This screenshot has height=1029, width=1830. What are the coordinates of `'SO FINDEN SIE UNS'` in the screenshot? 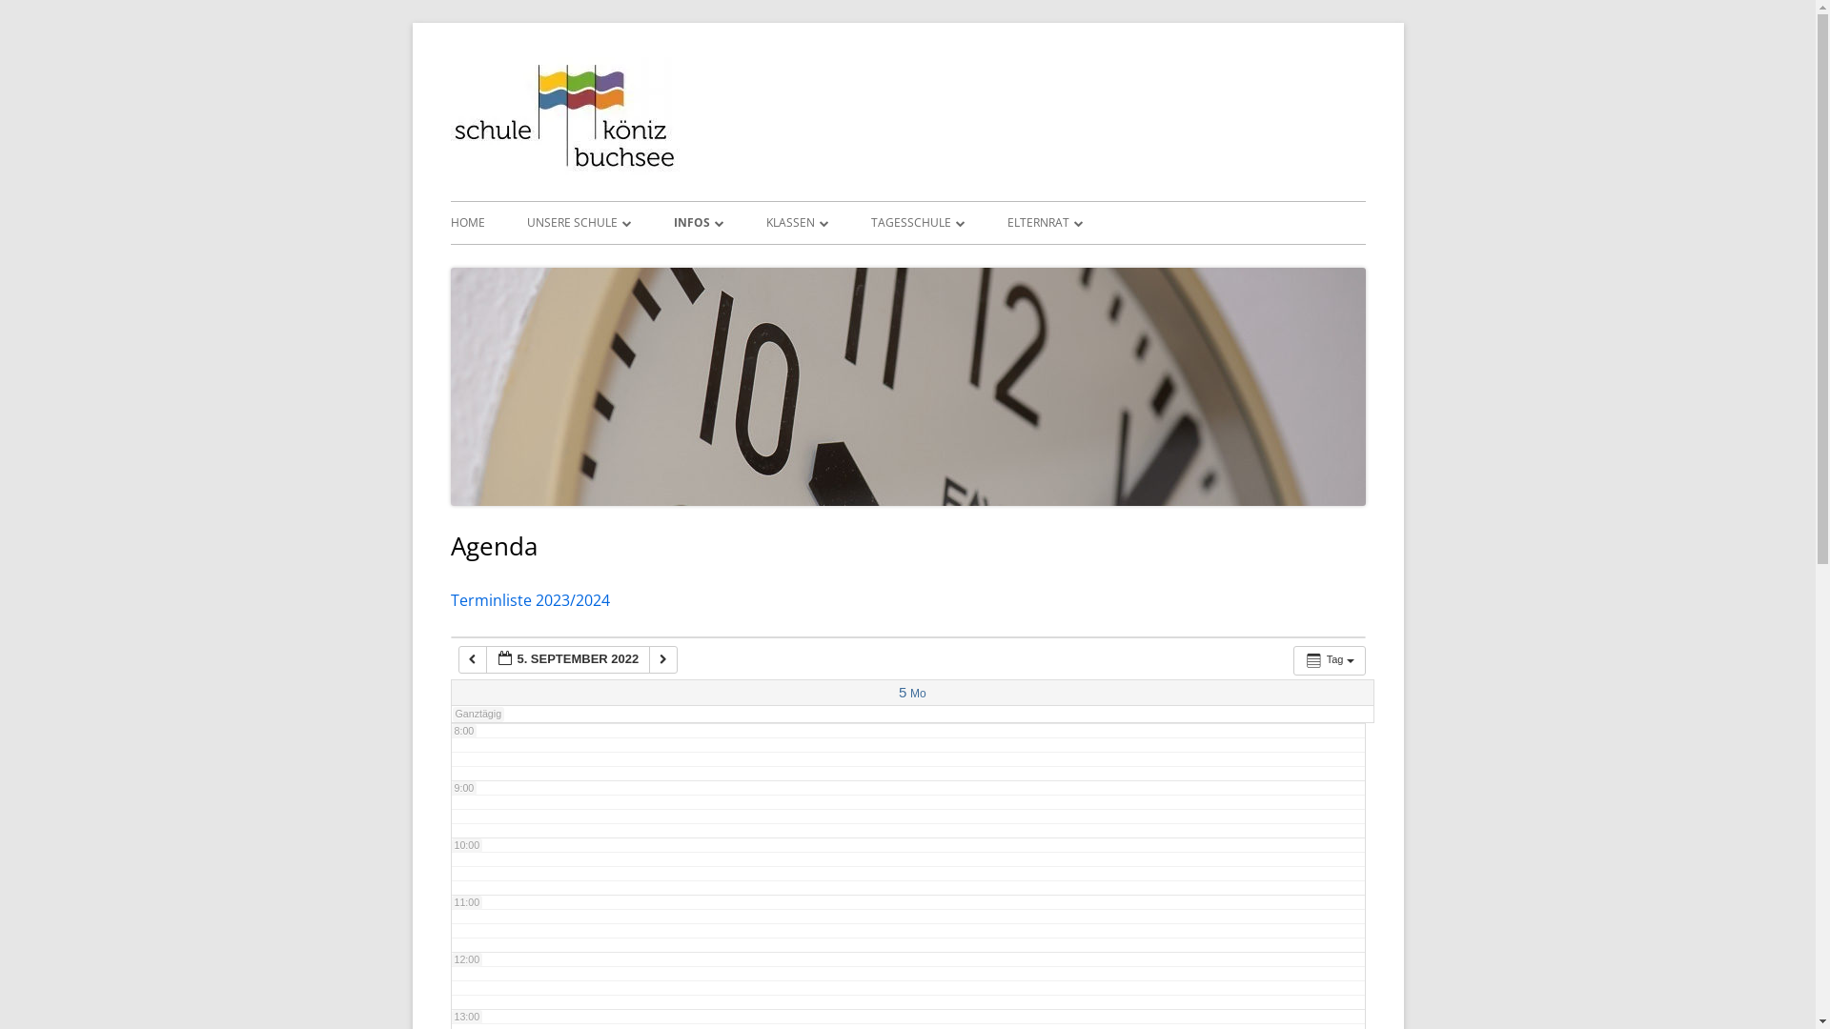 It's located at (635, 263).